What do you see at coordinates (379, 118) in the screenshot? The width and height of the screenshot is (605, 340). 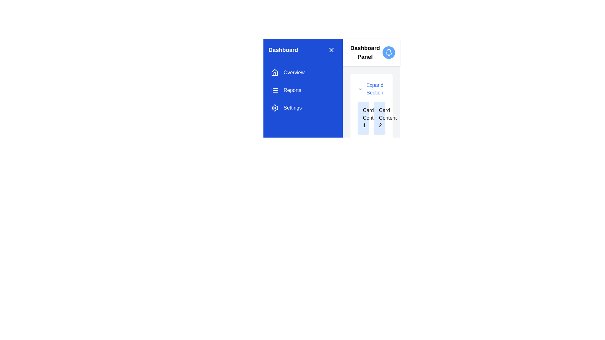 I see `the text label 'Card Content 2' within the card component on the right-hand side of the interface` at bounding box center [379, 118].